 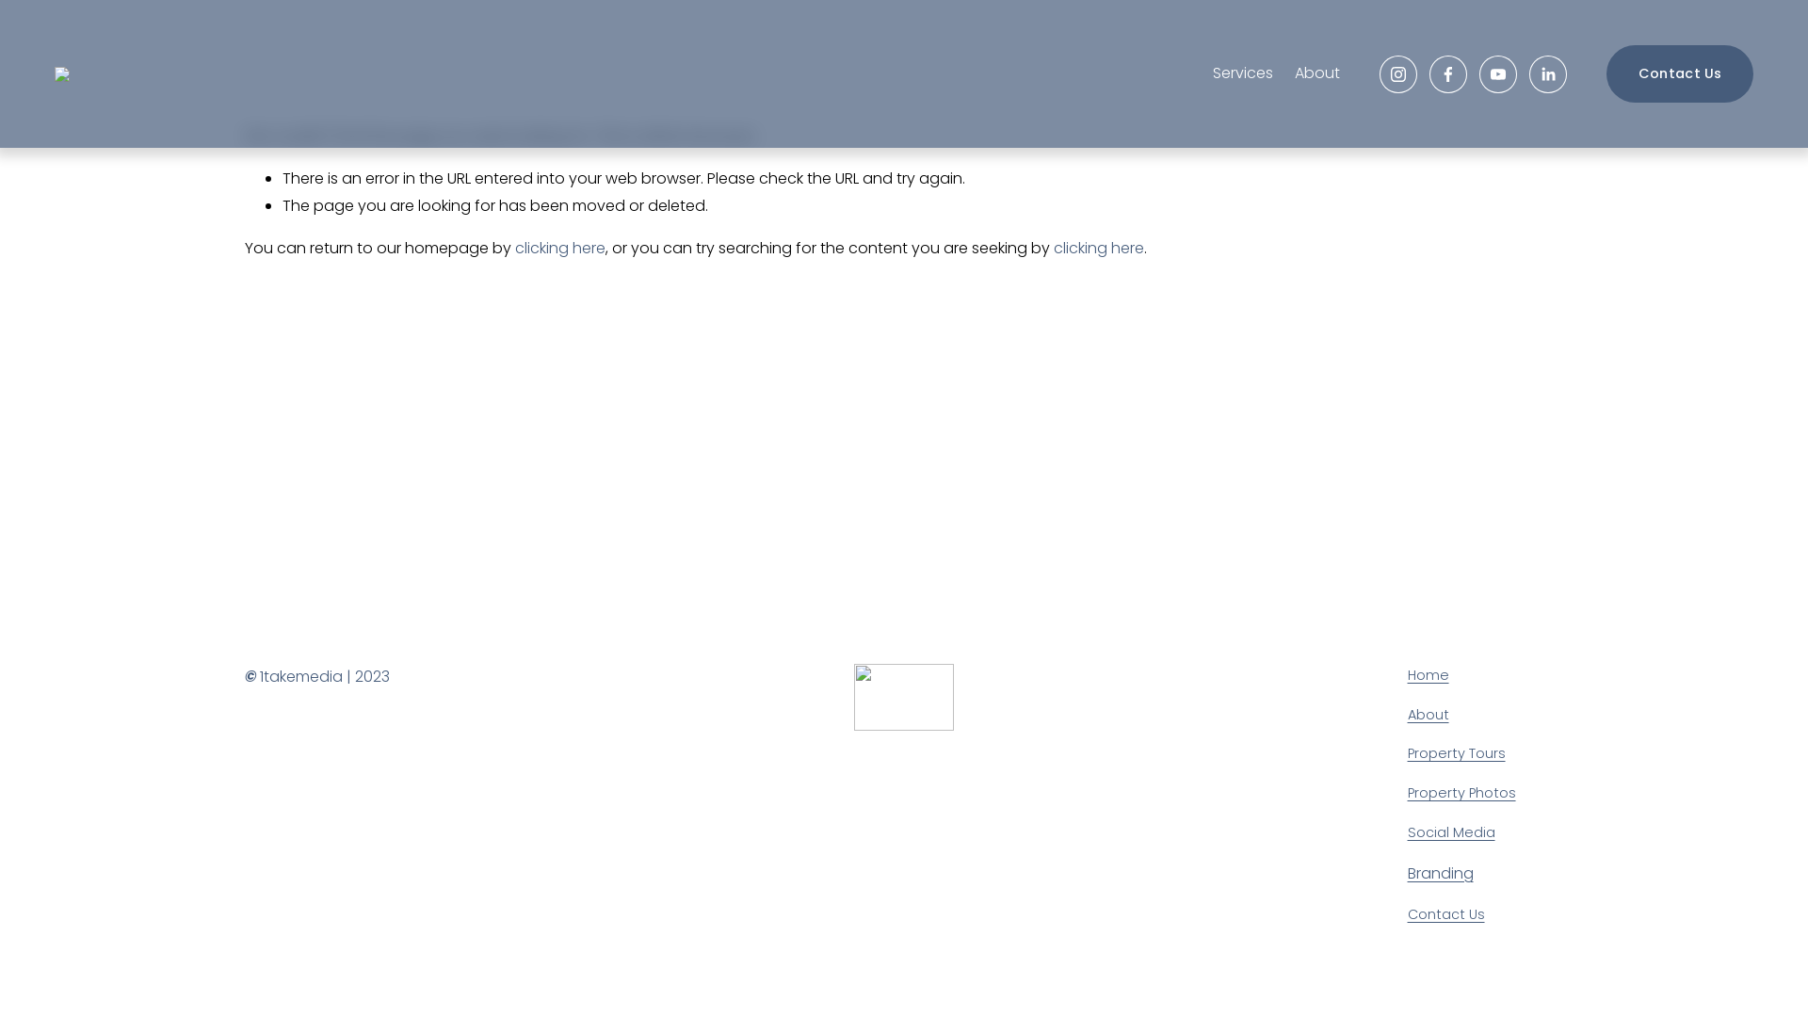 I want to click on 'Social Media', so click(x=1450, y=831).